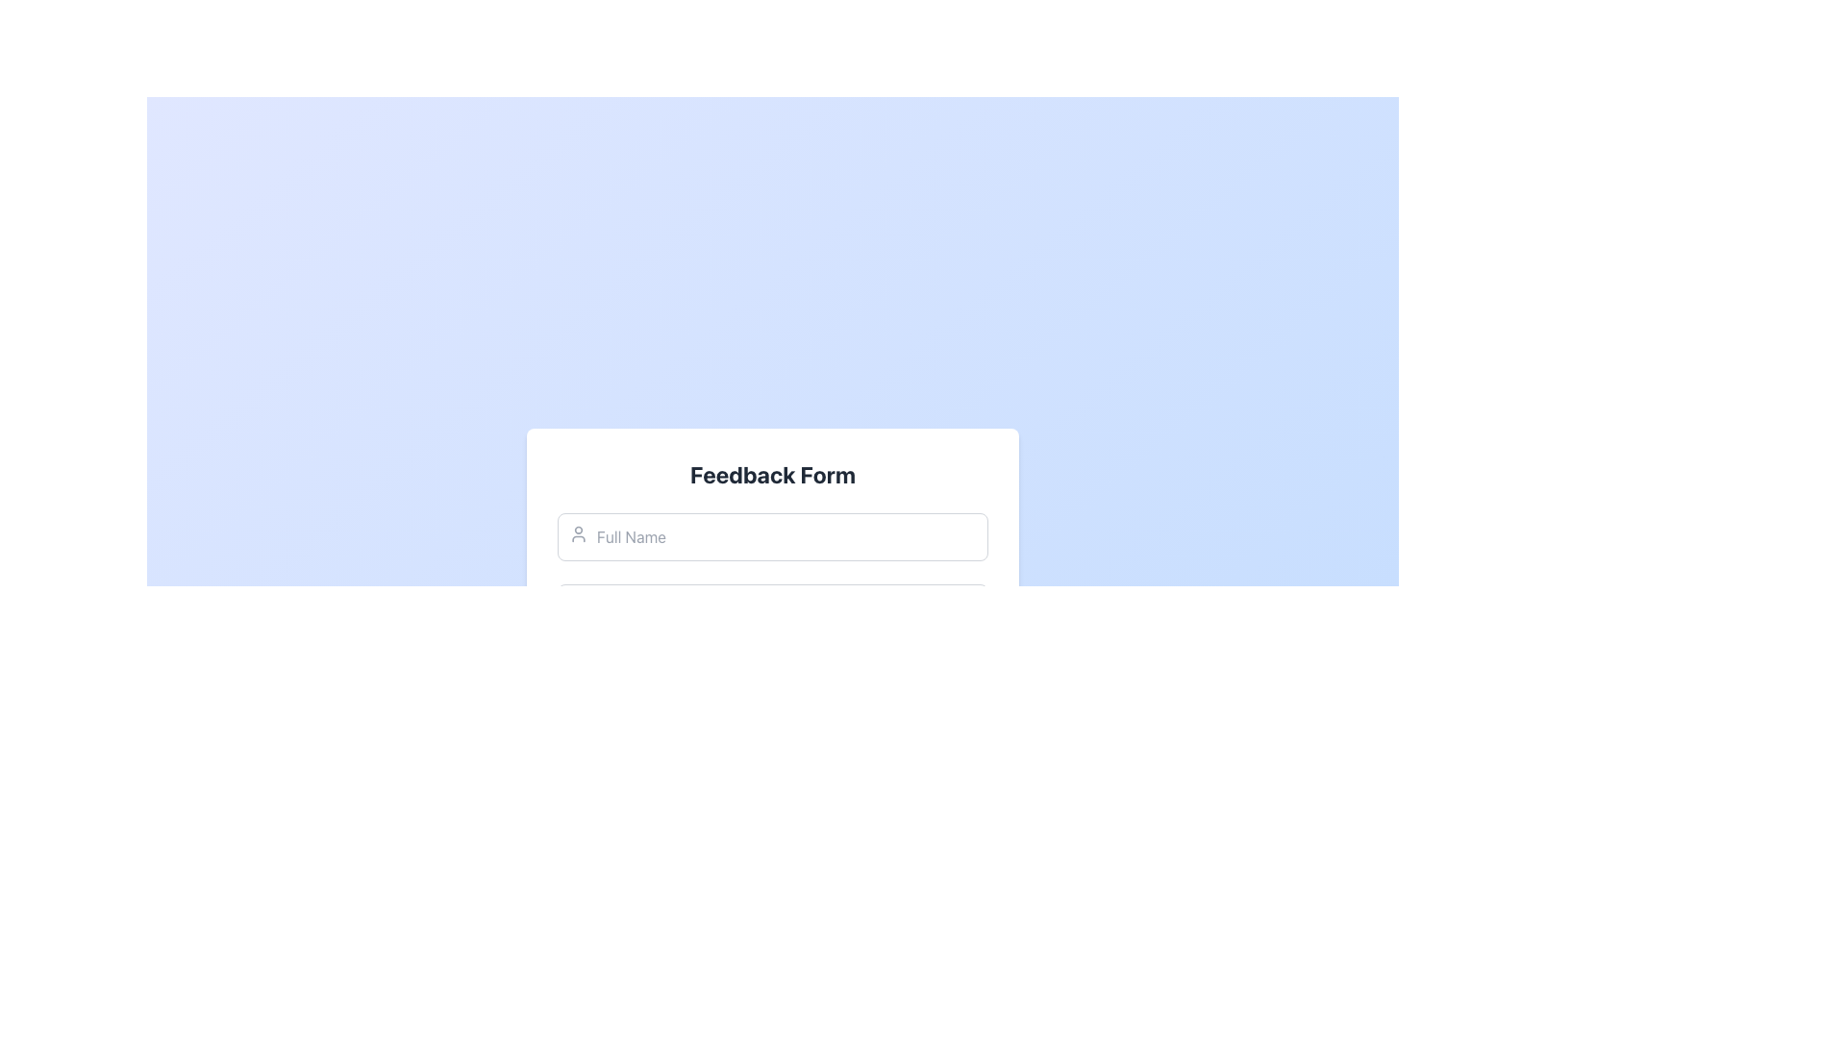 The height and width of the screenshot is (1038, 1846). I want to click on the user profile icon located at the top-left corner of the 'Full Name' text input box, which is represented by a circular head shape and styled in light-gray color, so click(577, 533).